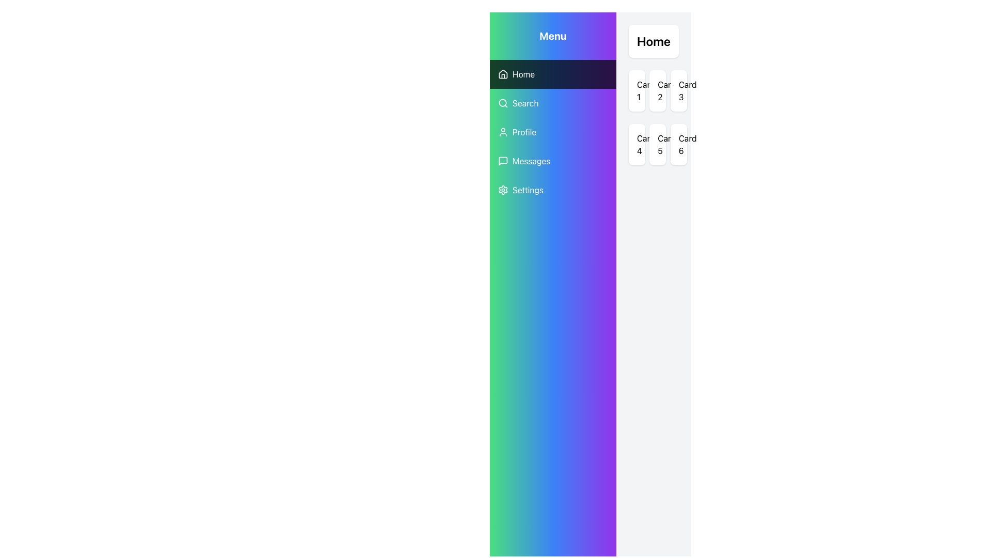 Image resolution: width=992 pixels, height=558 pixels. I want to click on the 'Profile' button in the sidebar menu, so click(552, 131).